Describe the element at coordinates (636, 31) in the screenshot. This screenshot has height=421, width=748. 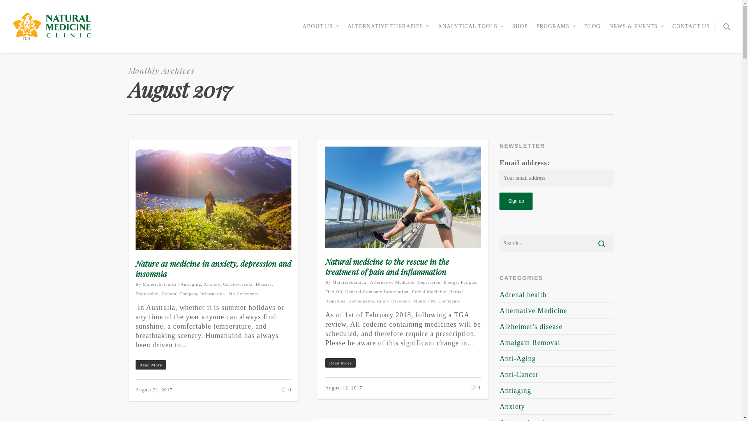
I see `'NEWS & EVENTS'` at that location.